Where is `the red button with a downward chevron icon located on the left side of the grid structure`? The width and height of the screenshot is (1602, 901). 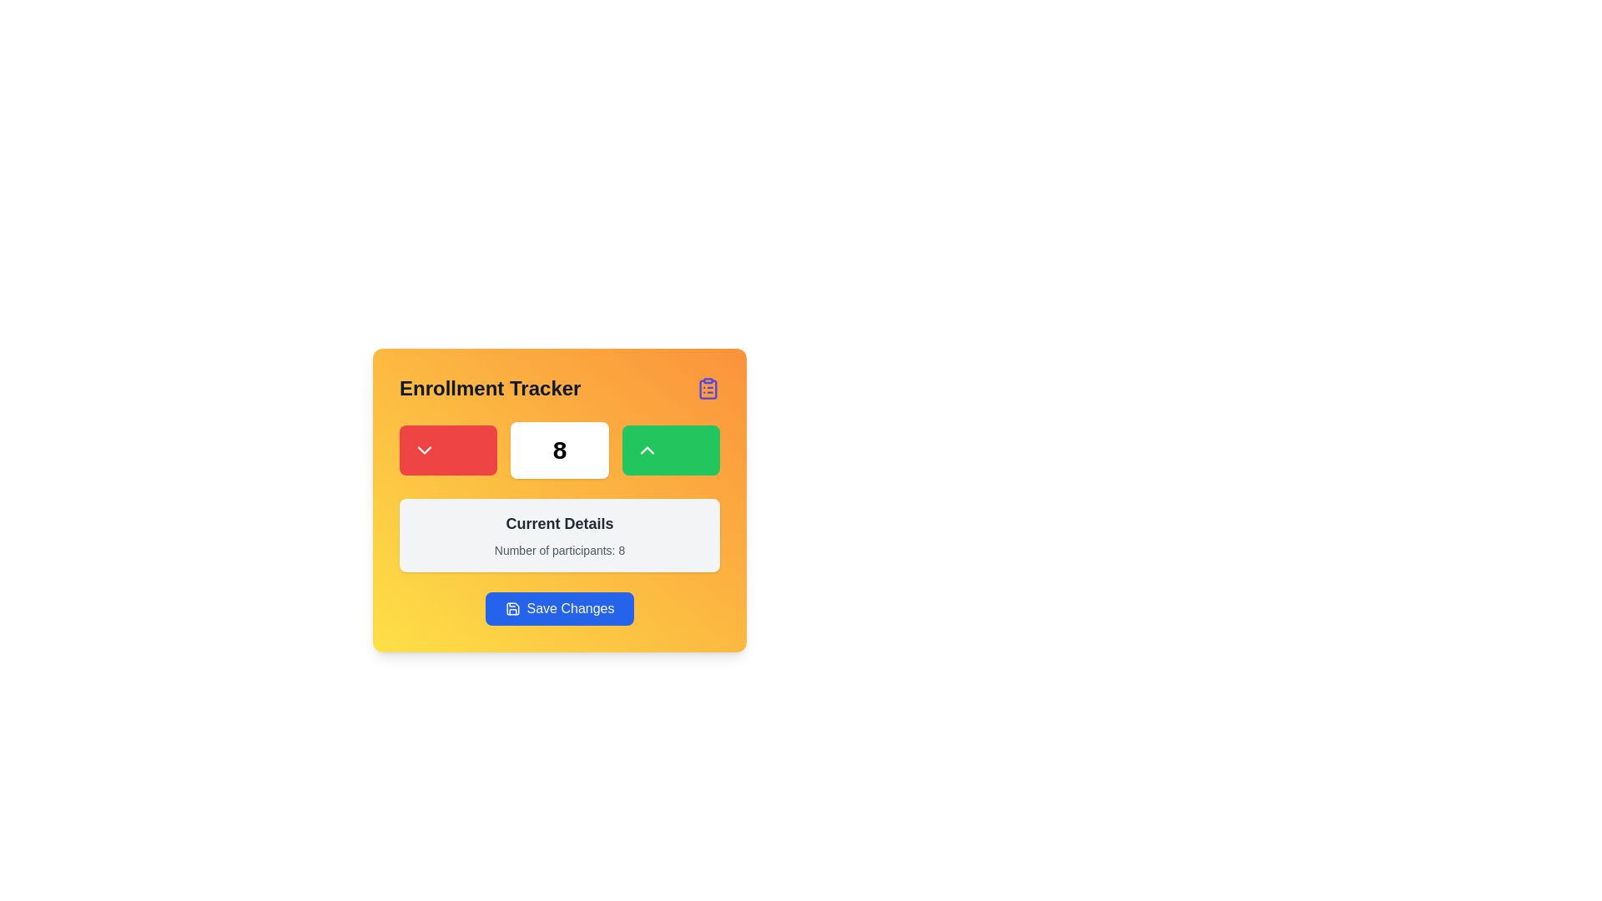 the red button with a downward chevron icon located on the left side of the grid structure is located at coordinates (448, 450).